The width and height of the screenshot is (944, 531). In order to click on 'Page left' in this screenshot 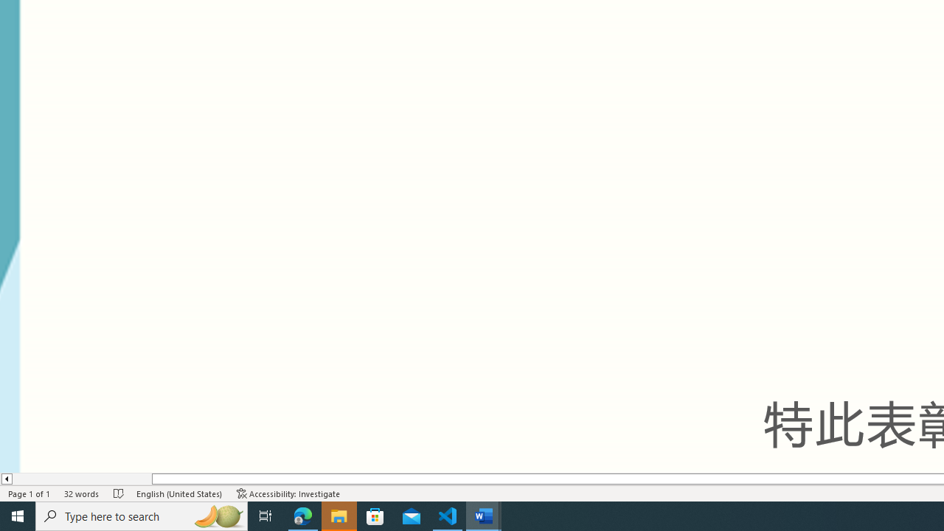, I will do `click(81, 479)`.